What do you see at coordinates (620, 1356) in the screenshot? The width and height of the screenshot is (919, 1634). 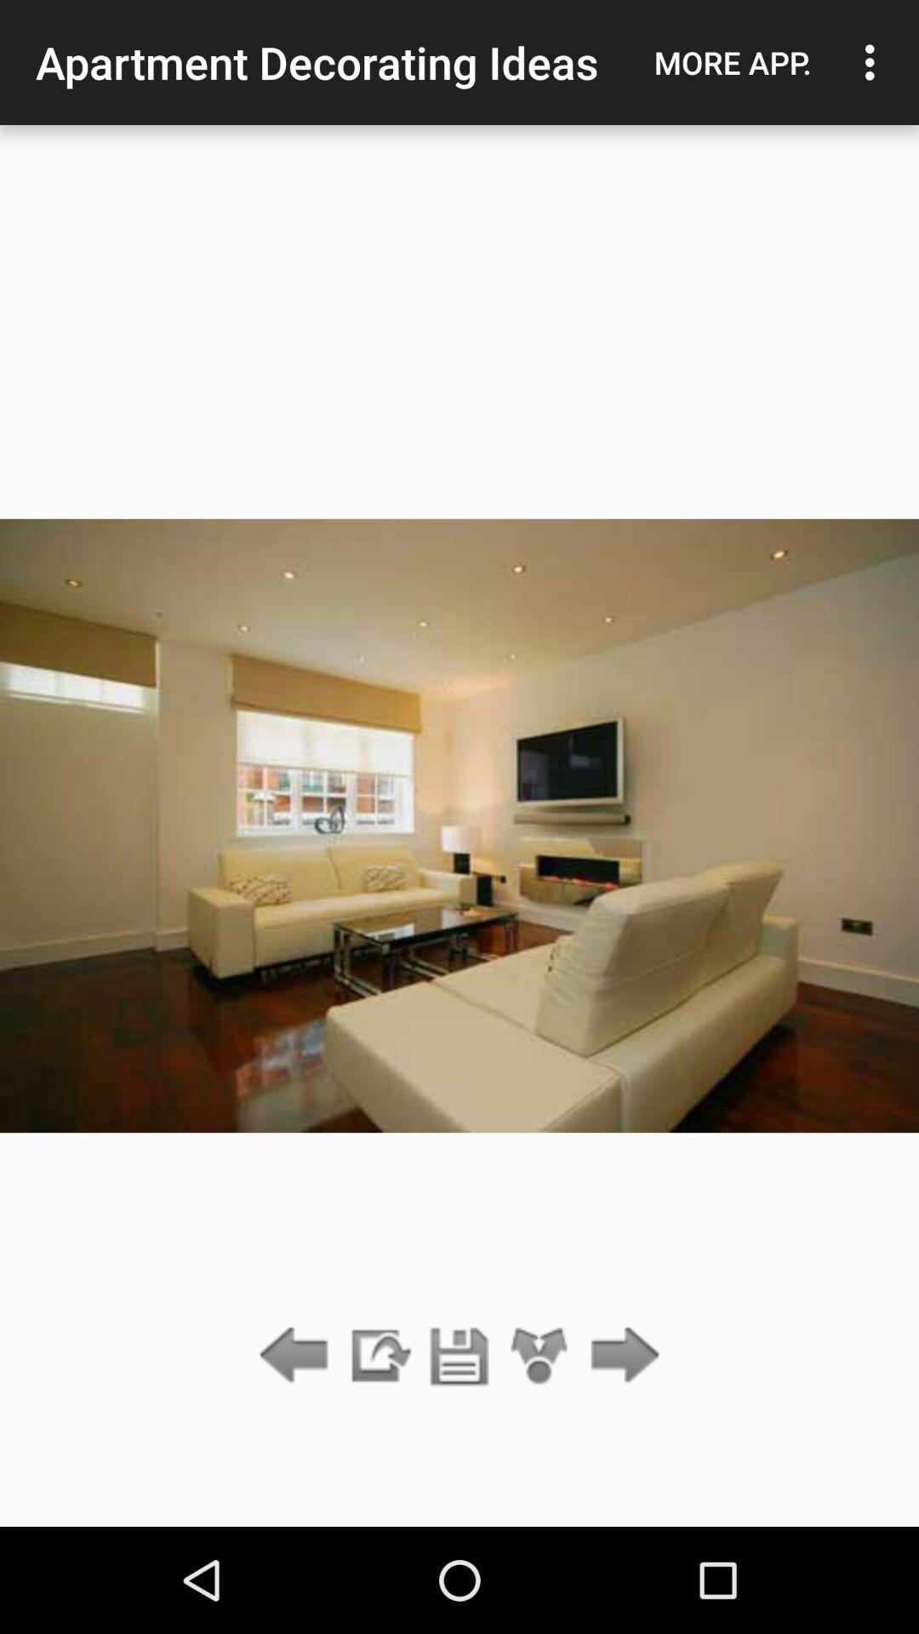 I see `the arrow_forward icon` at bounding box center [620, 1356].